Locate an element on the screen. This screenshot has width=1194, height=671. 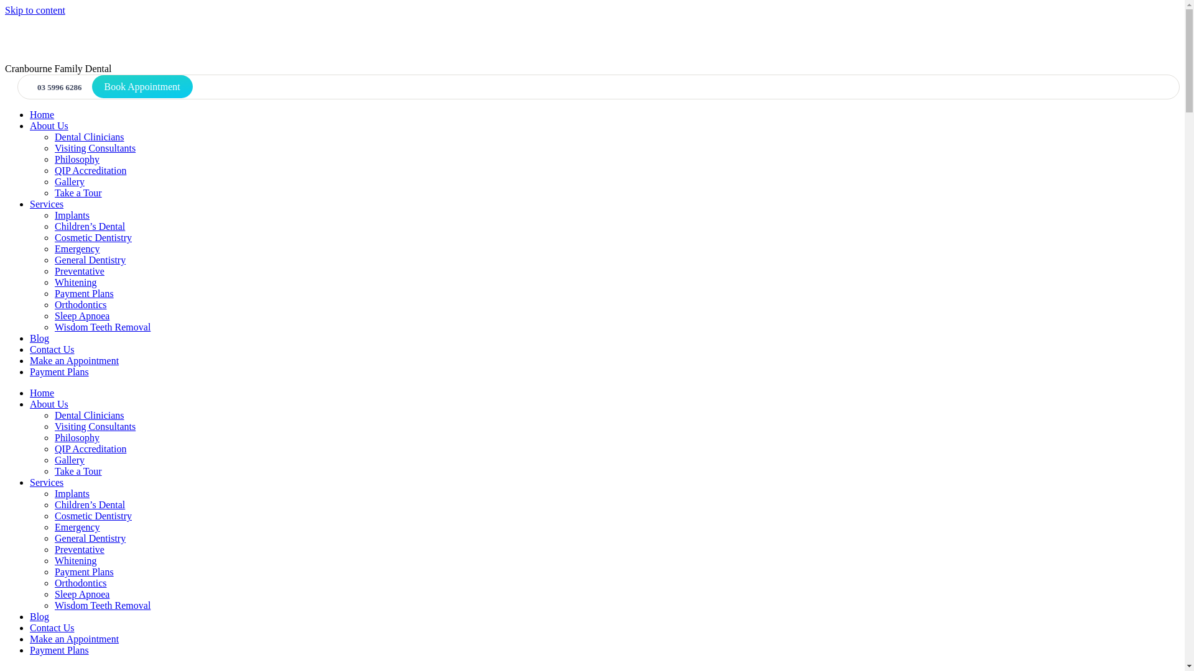
'Blog' is located at coordinates (30, 338).